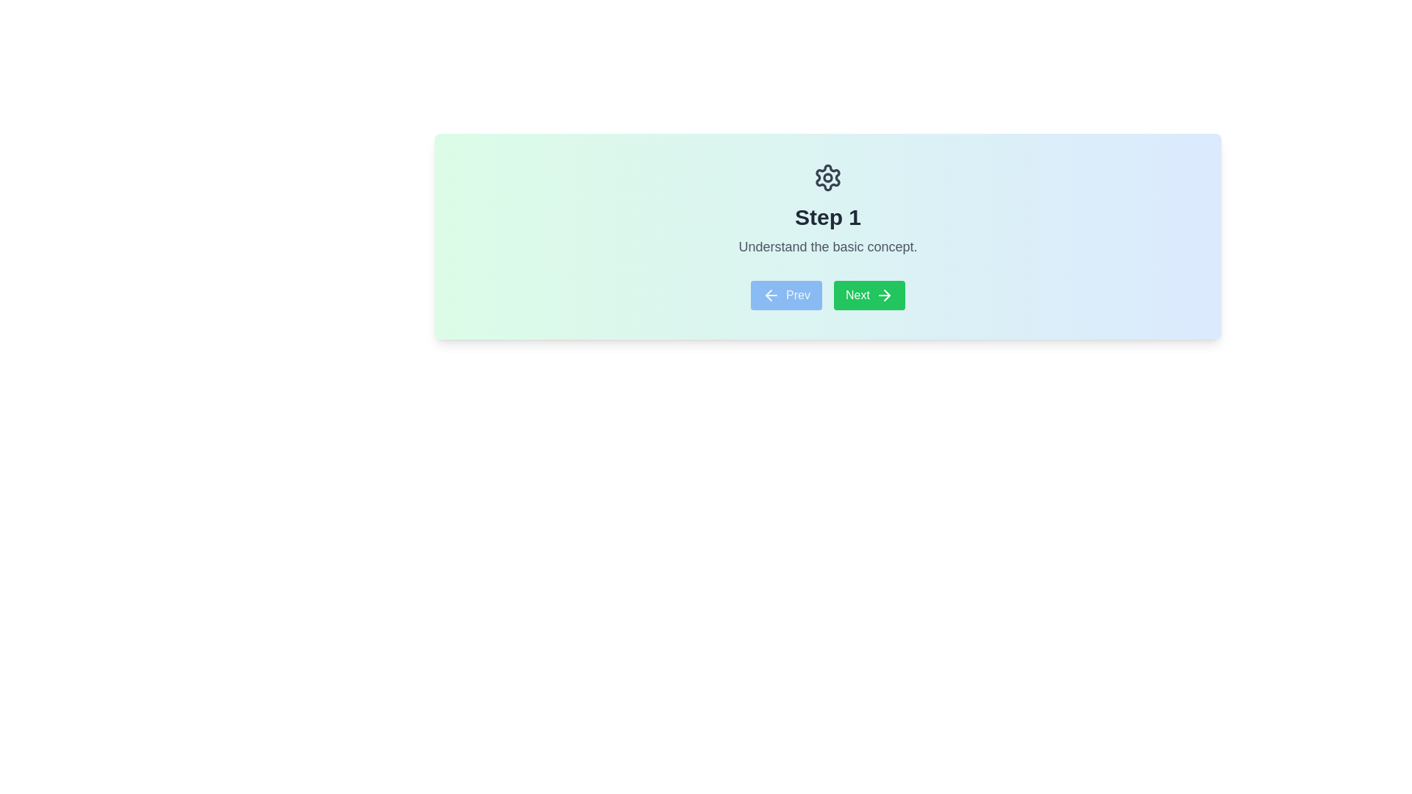 The image size is (1412, 794). What do you see at coordinates (828, 246) in the screenshot?
I see `the text block displaying 'Understand the basic concept.' which is styled in light gray and located below the 'Step 1' header` at bounding box center [828, 246].